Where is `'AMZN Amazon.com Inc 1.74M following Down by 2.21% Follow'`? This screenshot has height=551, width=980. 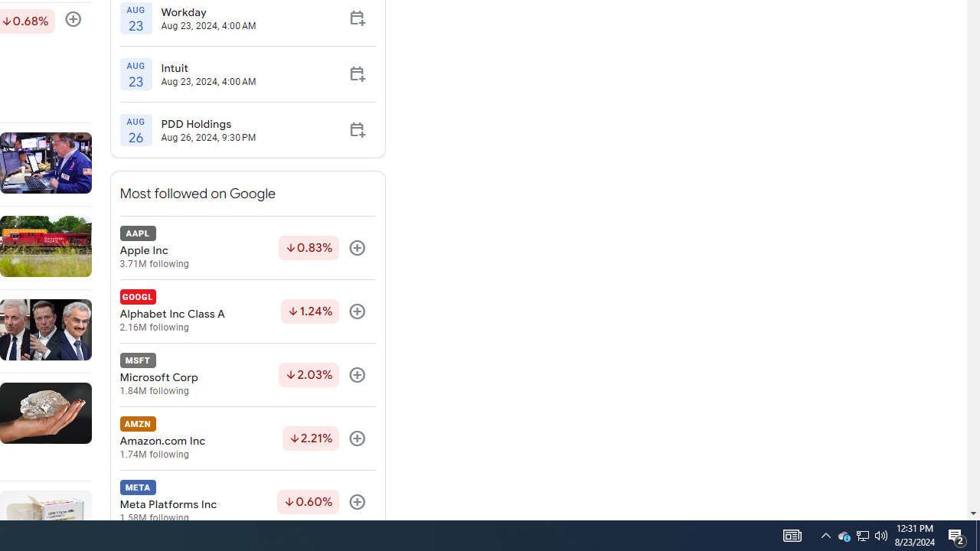 'AMZN Amazon.com Inc 1.74M following Down by 2.21% Follow' is located at coordinates (247, 439).